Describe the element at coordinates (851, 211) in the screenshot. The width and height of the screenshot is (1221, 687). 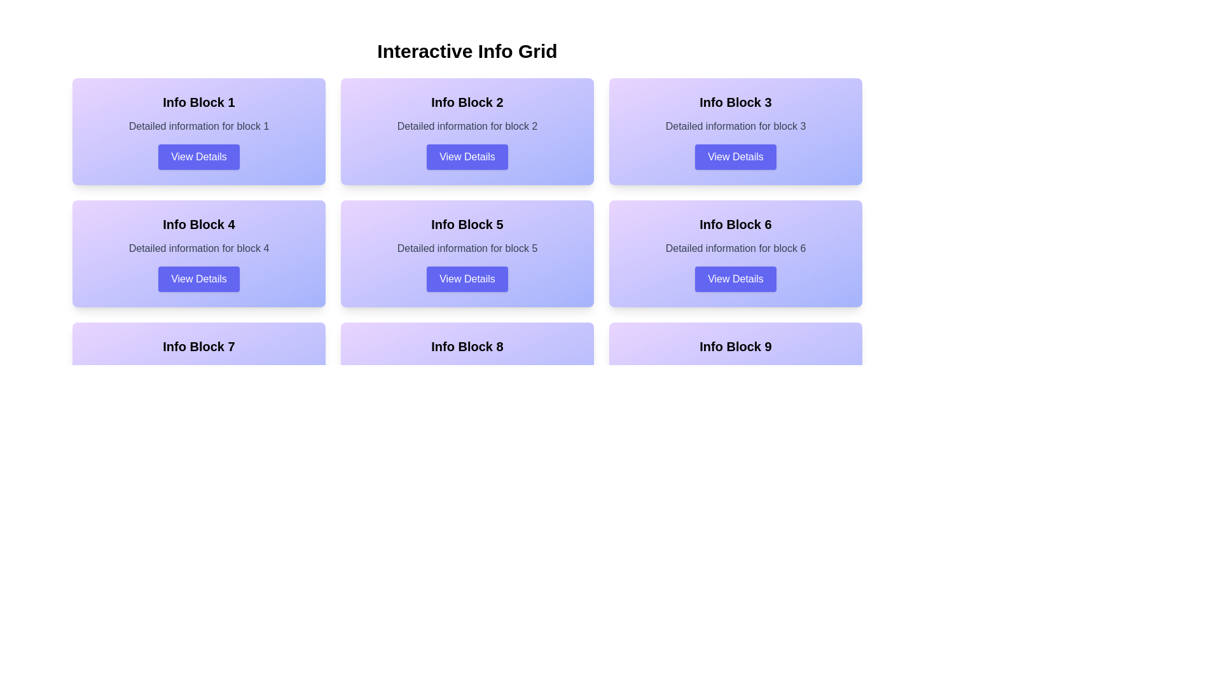
I see `the decorative circular graphic element located in the top-right corner of the 'Info Block 6' card within the SVG component` at that location.